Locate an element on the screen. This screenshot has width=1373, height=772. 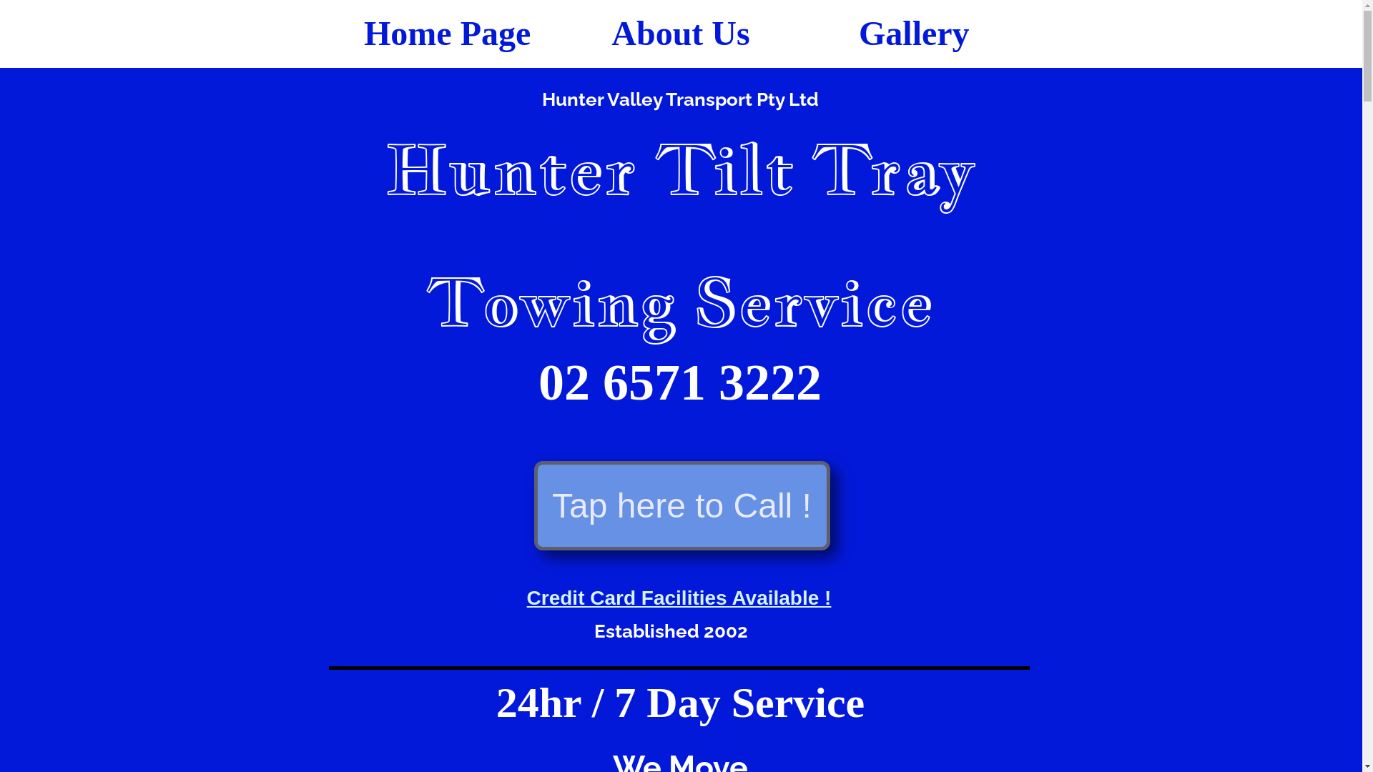
'Gallery' is located at coordinates (912, 32).